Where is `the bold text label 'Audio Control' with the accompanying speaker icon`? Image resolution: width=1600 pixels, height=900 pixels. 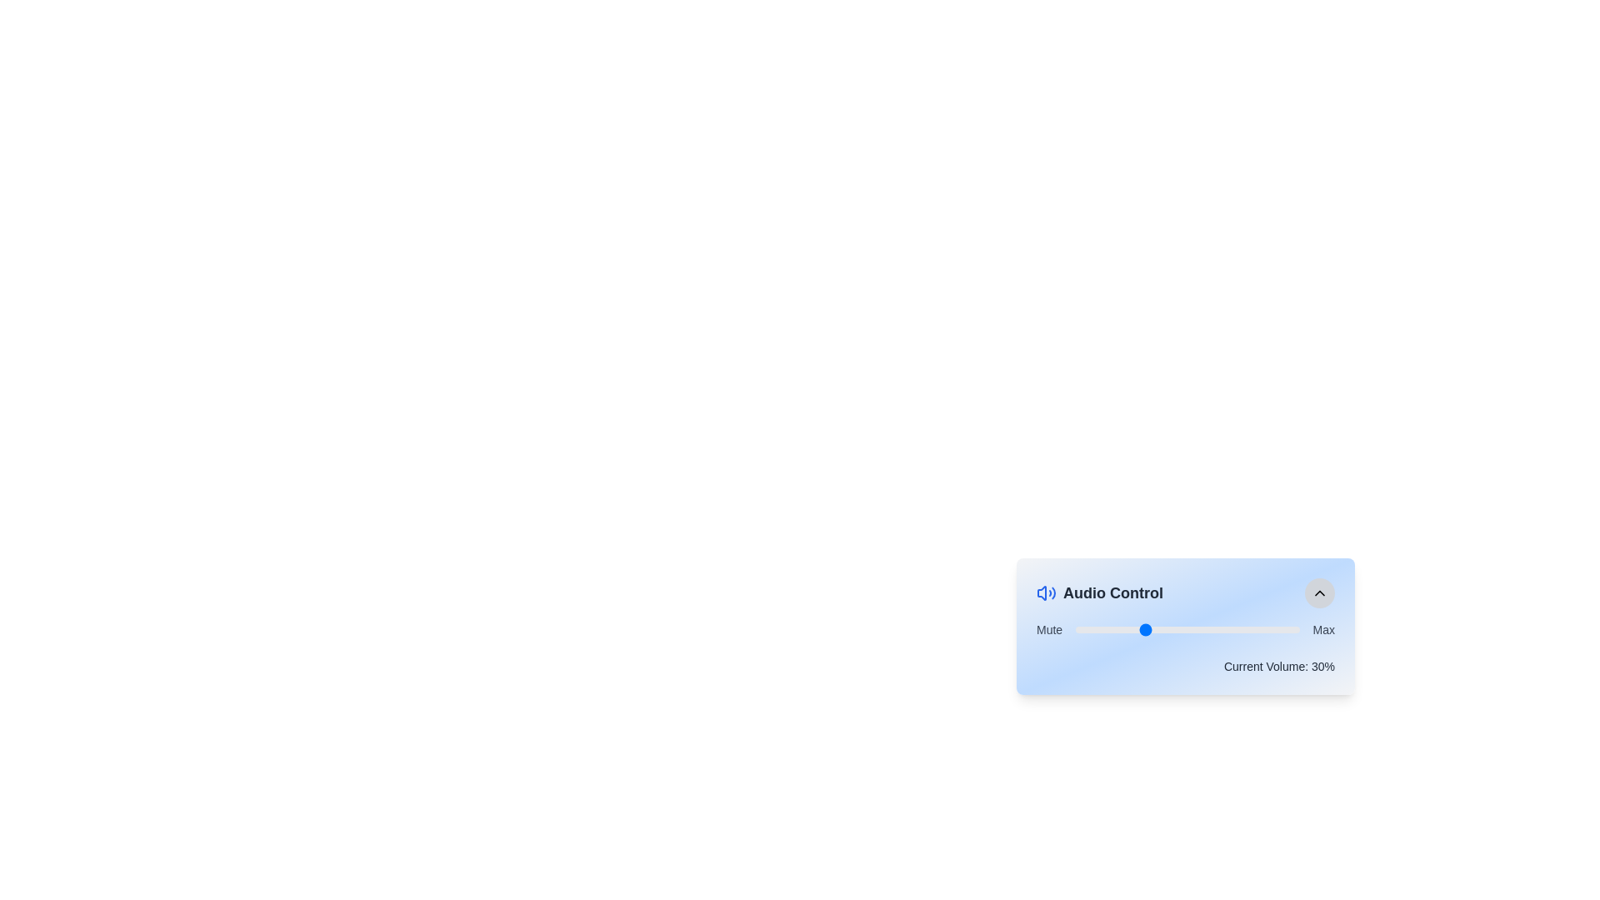 the bold text label 'Audio Control' with the accompanying speaker icon is located at coordinates (1100, 592).